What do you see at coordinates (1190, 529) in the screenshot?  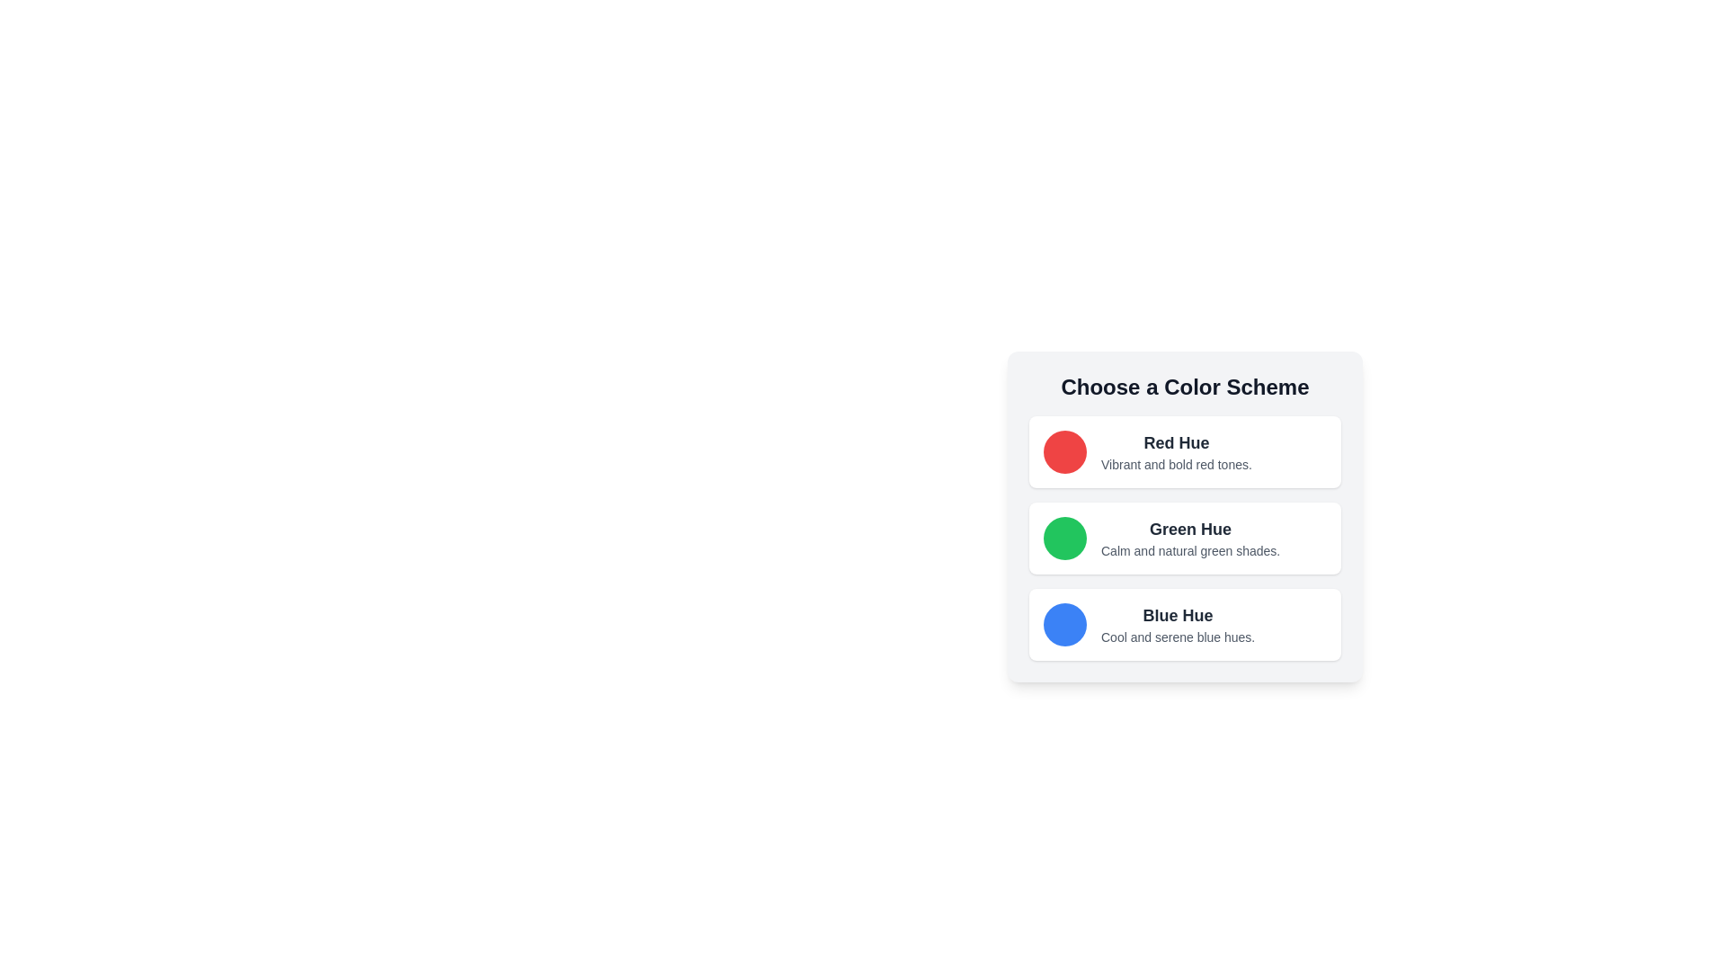 I see `the header text element that highlights the 'Green Hue' color scheme` at bounding box center [1190, 529].